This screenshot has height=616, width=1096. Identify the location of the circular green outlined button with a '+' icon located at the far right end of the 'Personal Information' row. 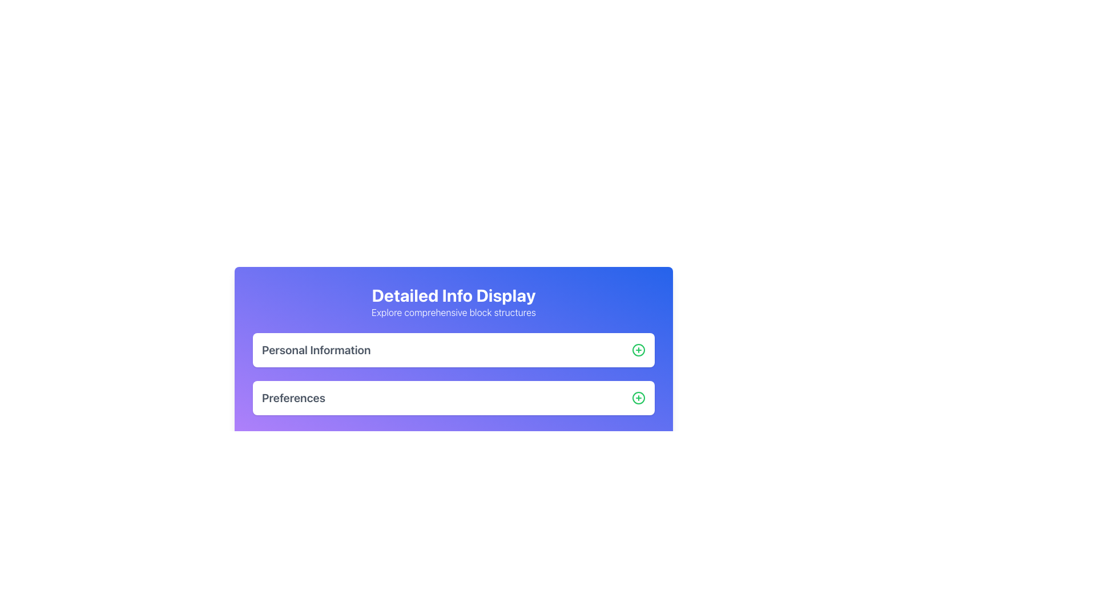
(638, 349).